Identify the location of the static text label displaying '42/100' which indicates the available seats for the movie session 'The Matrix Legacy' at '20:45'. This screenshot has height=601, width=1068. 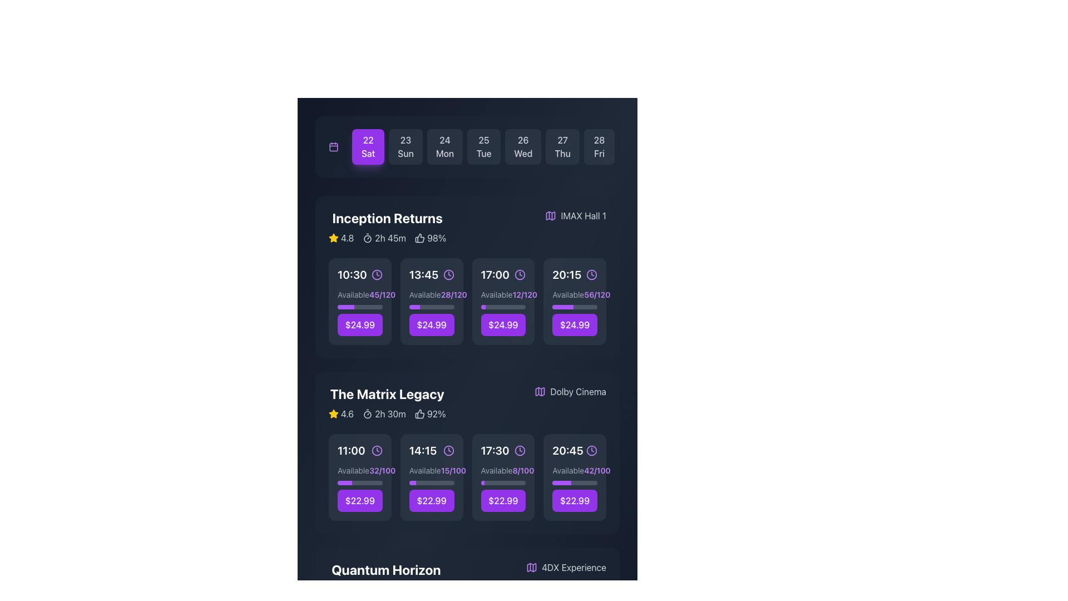
(597, 470).